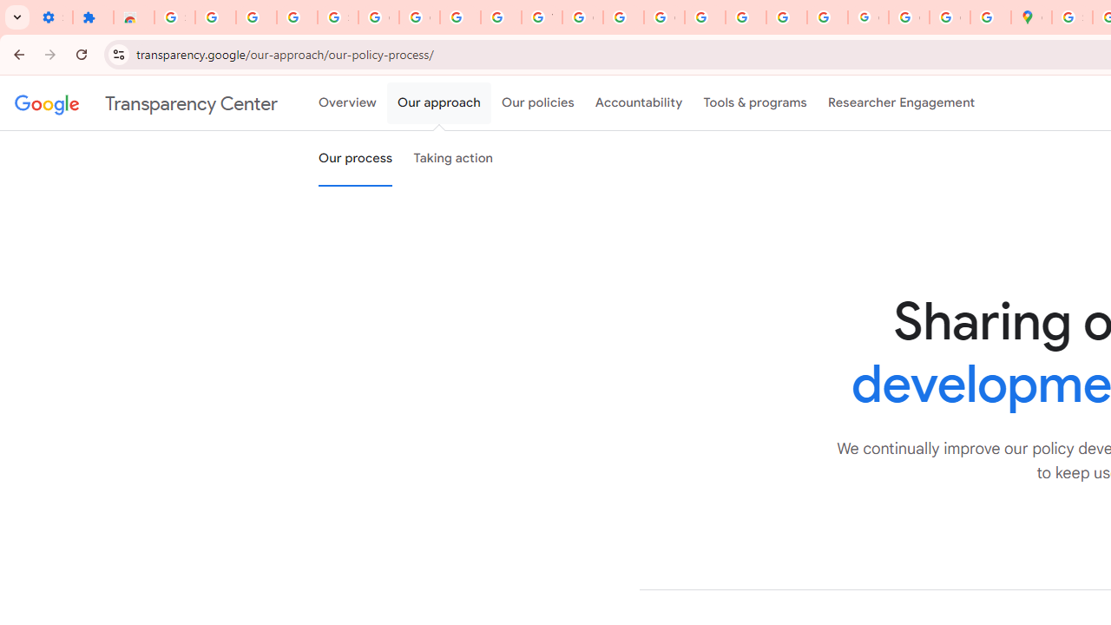 This screenshot has width=1111, height=625. I want to click on 'Accountability', so click(638, 103).